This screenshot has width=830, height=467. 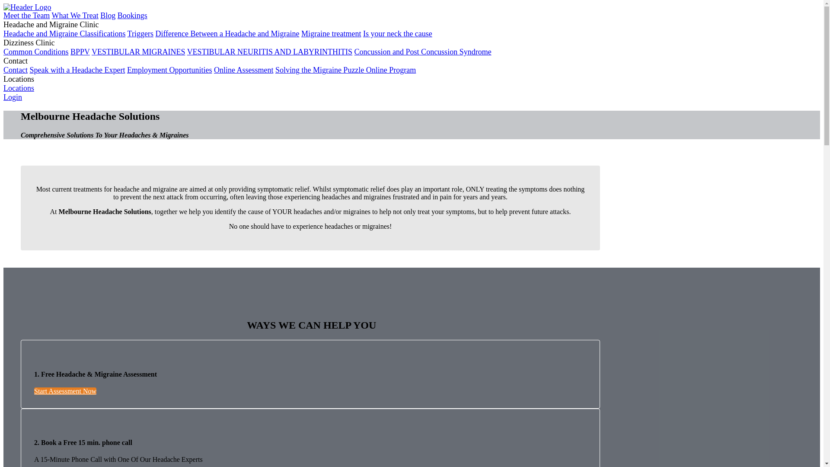 I want to click on 'Solving the Migraine Puzzle Online Program', so click(x=345, y=70).